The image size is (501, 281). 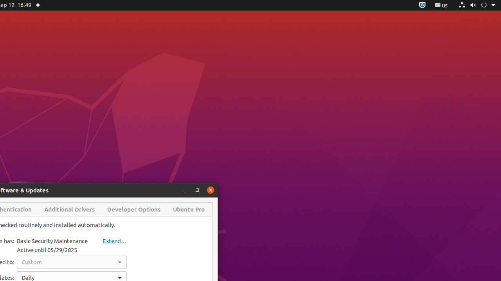 I want to click on 'Ubuntu Pro', so click(x=189, y=209).